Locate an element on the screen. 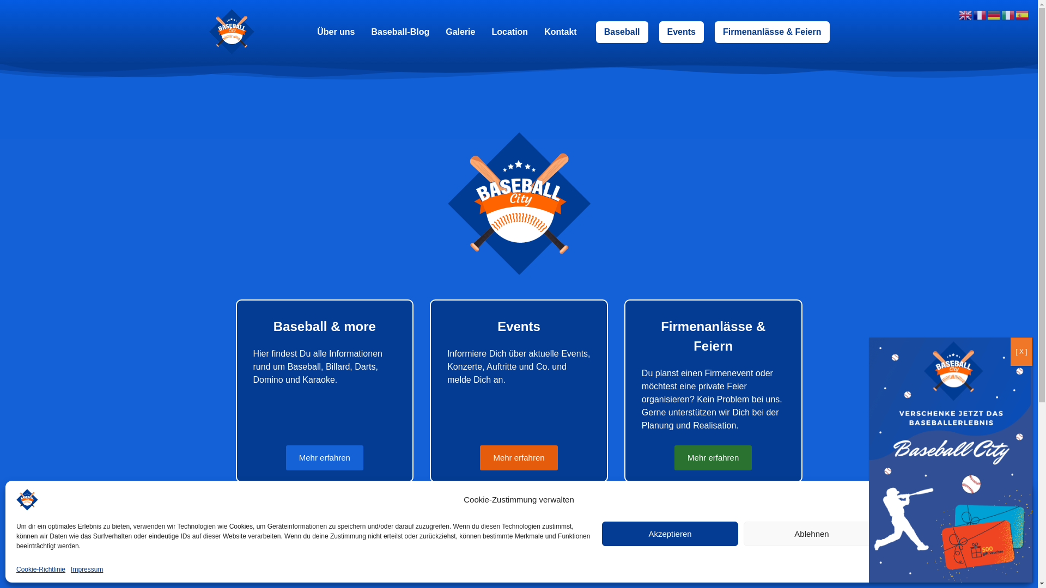 This screenshot has height=588, width=1046. 'English' is located at coordinates (965, 14).